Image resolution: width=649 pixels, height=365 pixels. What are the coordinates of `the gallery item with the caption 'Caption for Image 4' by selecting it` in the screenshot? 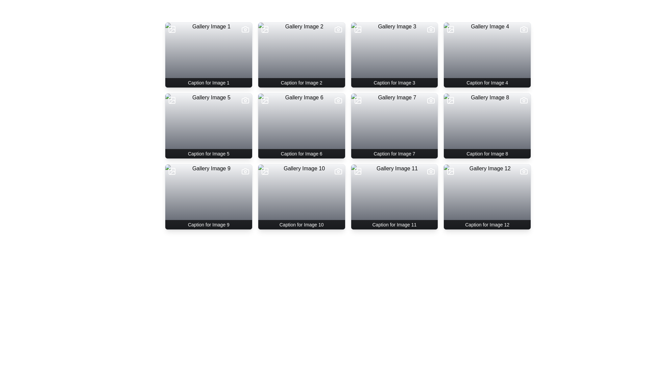 It's located at (487, 54).